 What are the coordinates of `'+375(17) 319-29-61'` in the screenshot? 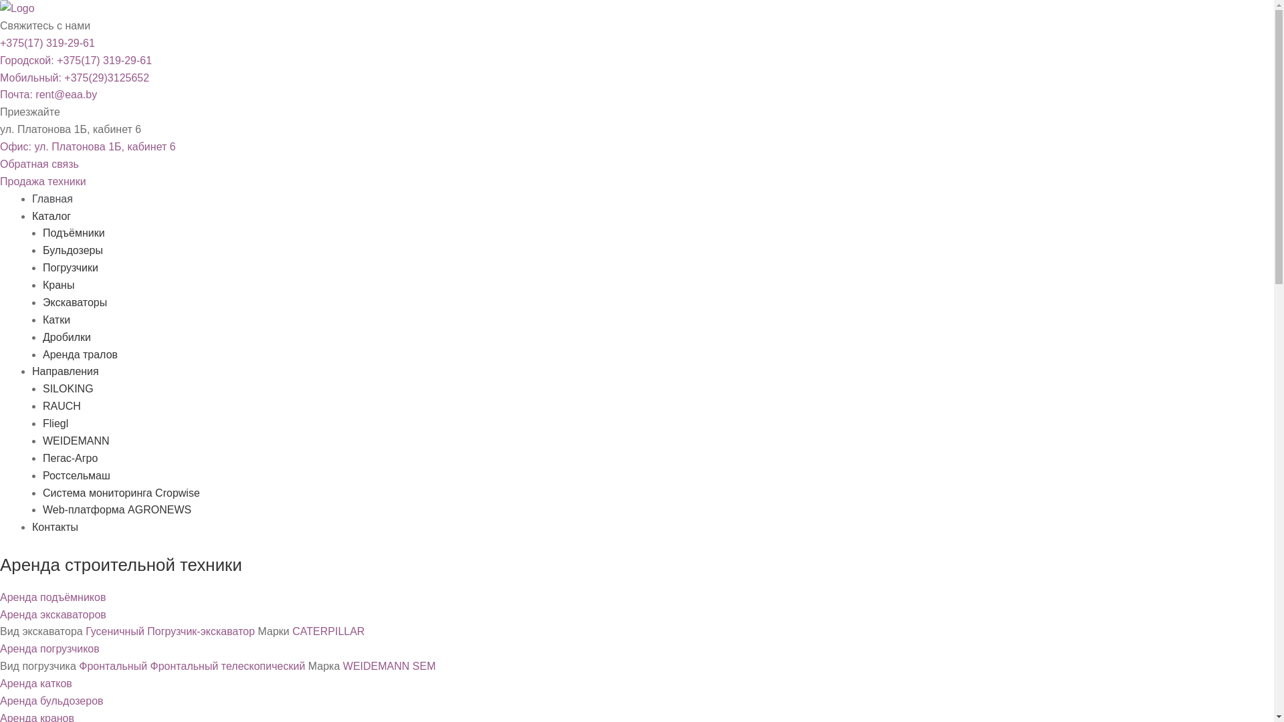 It's located at (47, 42).